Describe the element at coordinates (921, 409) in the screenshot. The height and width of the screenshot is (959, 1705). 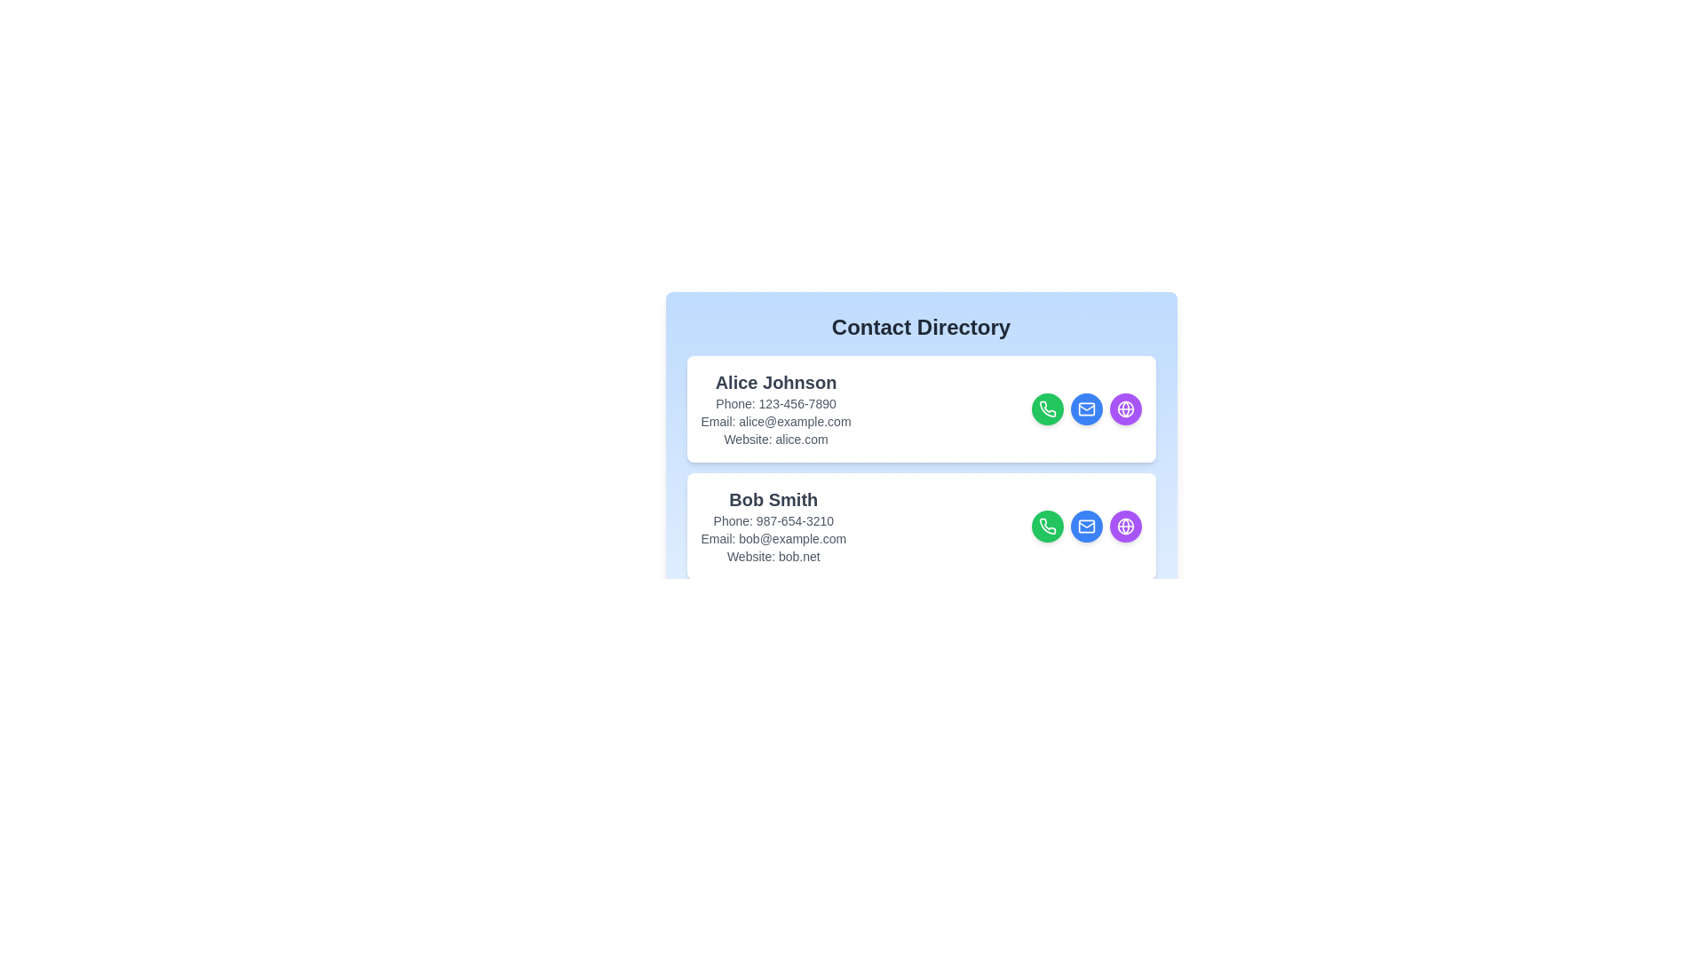
I see `the contact card of Alice Johnson` at that location.